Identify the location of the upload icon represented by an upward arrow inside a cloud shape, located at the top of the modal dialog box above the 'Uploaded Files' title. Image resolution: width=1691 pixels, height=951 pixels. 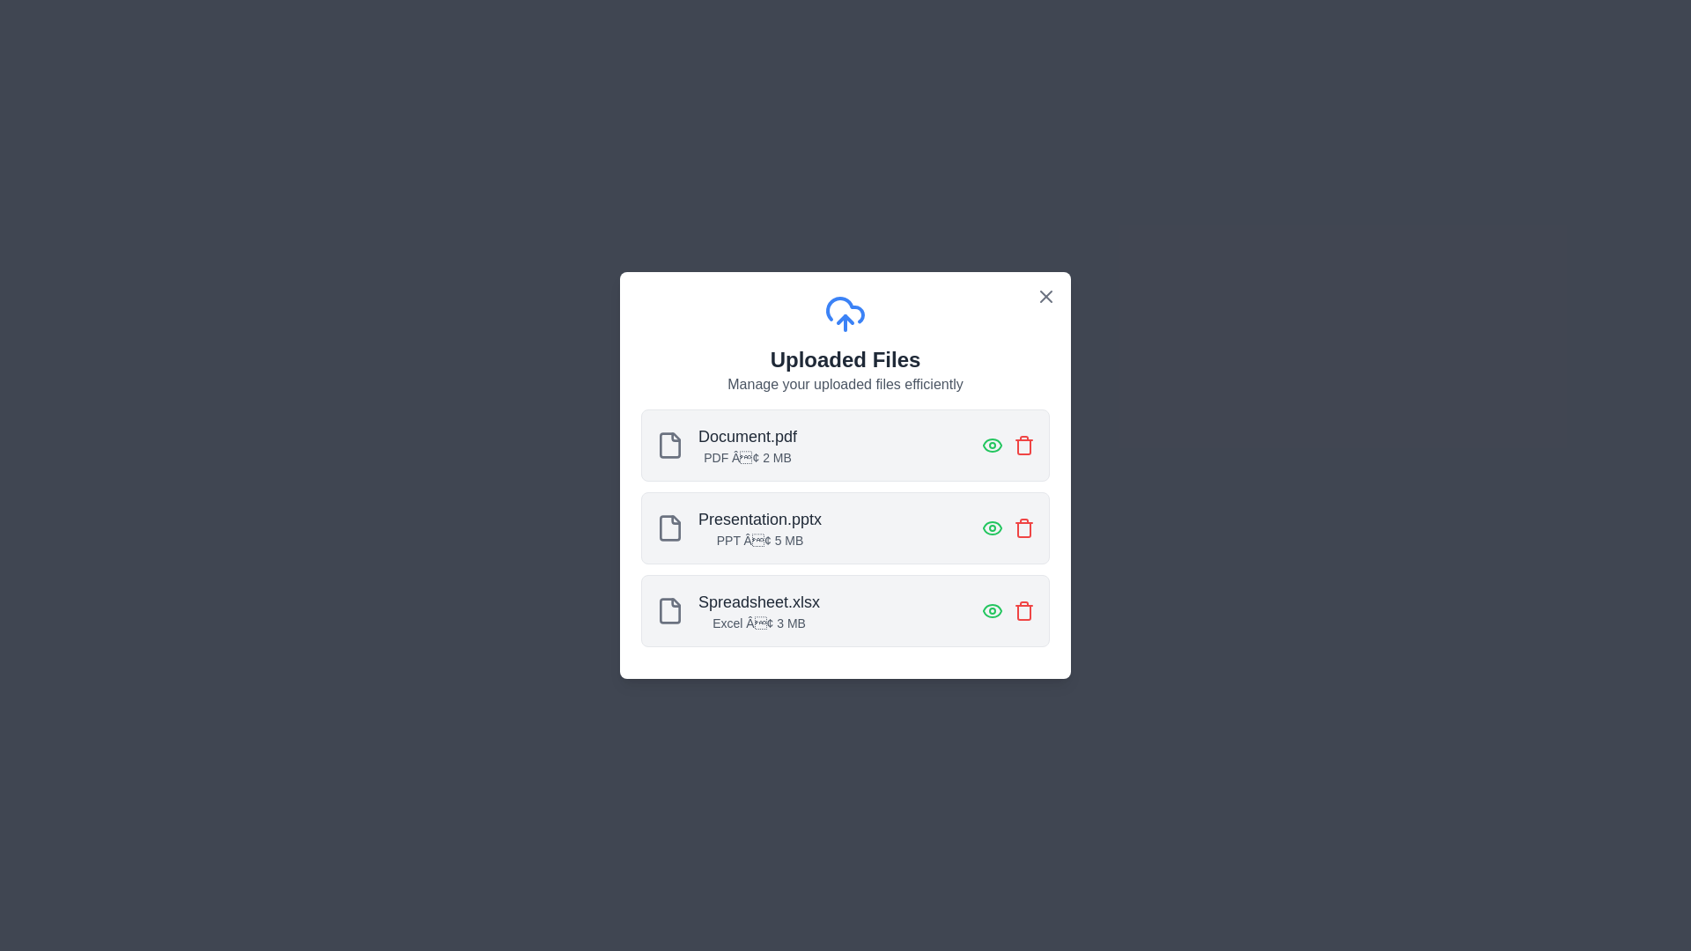
(845, 319).